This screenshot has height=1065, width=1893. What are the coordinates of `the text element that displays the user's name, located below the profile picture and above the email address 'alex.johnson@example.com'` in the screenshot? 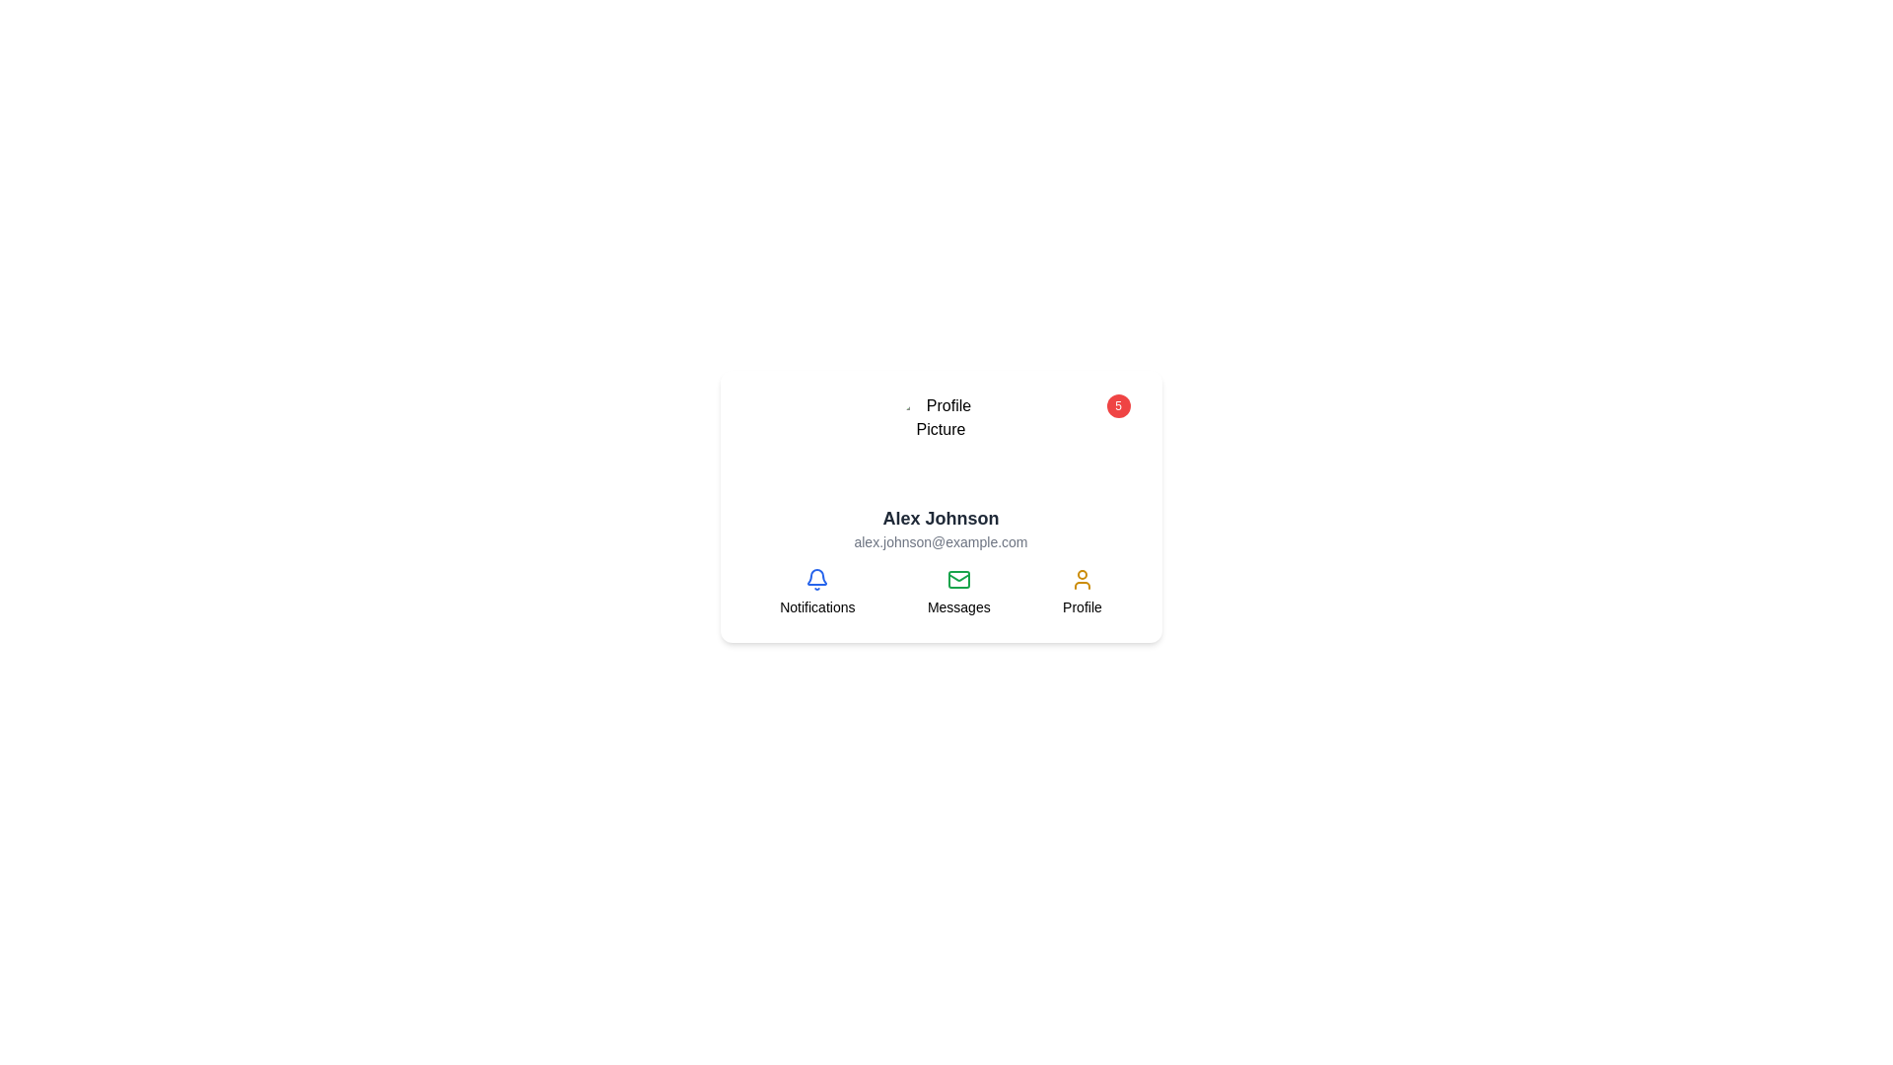 It's located at (940, 517).